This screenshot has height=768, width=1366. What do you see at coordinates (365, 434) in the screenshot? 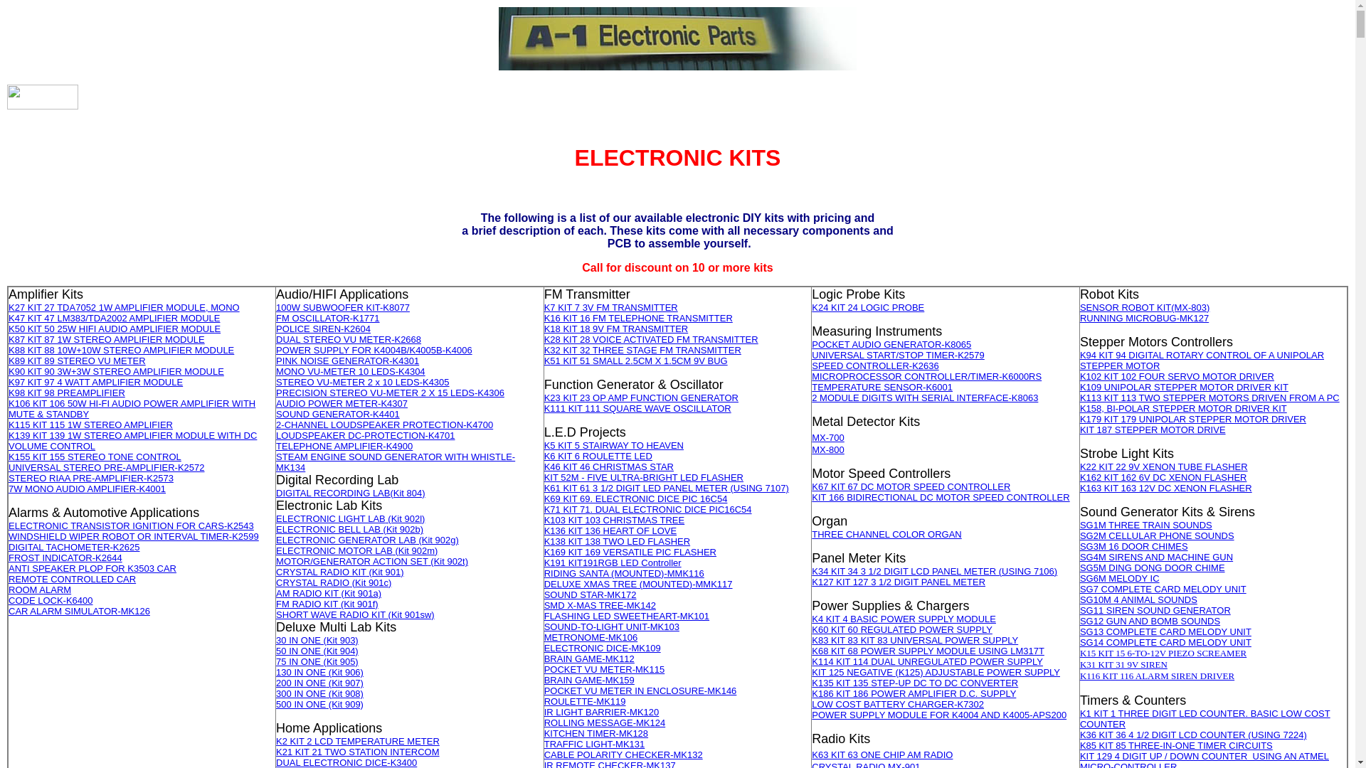
I see `'LOUDSPEAKER DC-PROTECTION-K4701'` at bounding box center [365, 434].